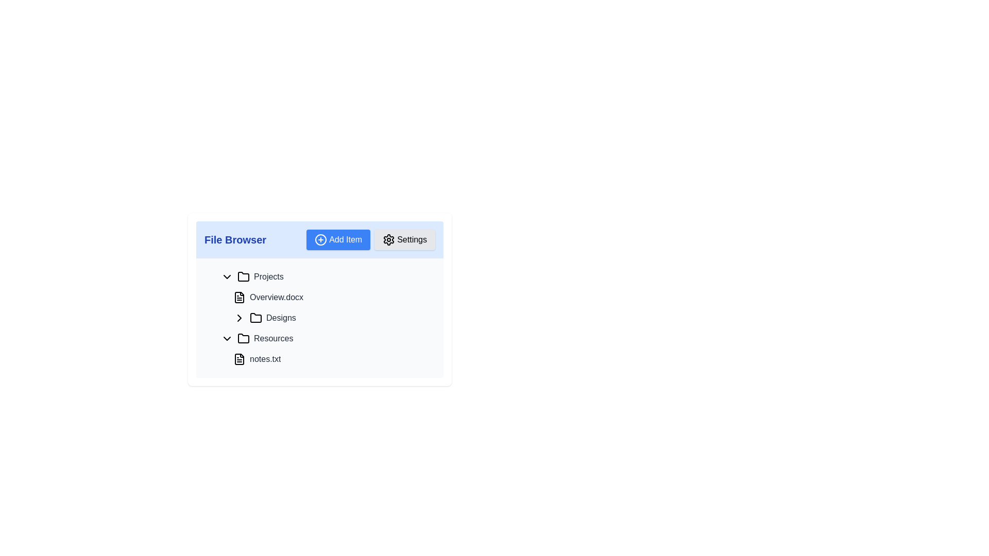 This screenshot has width=989, height=556. I want to click on text of the 'Designs' label located under the 'Projects' folder in the file browser interface, so click(281, 317).